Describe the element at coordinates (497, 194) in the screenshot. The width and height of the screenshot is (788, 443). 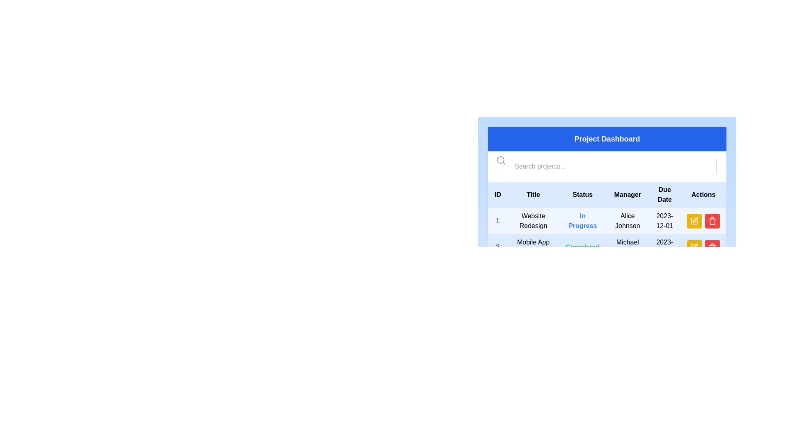
I see `the 'ID' text label in the first column header of the table, which has a light blue background and bold styling` at that location.